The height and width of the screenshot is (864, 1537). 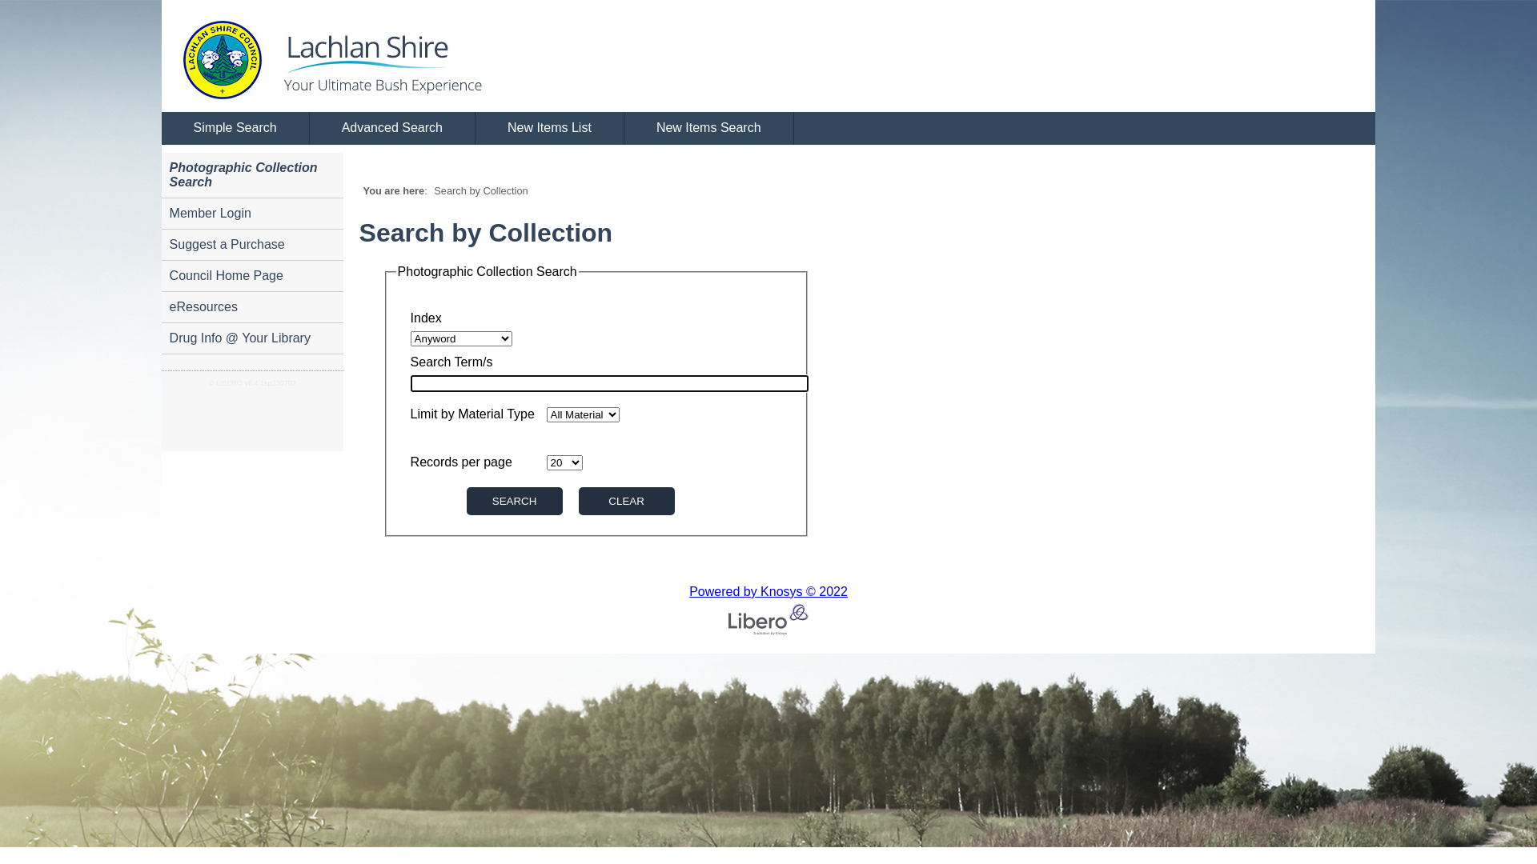 What do you see at coordinates (625, 500) in the screenshot?
I see `'Alt-2'` at bounding box center [625, 500].